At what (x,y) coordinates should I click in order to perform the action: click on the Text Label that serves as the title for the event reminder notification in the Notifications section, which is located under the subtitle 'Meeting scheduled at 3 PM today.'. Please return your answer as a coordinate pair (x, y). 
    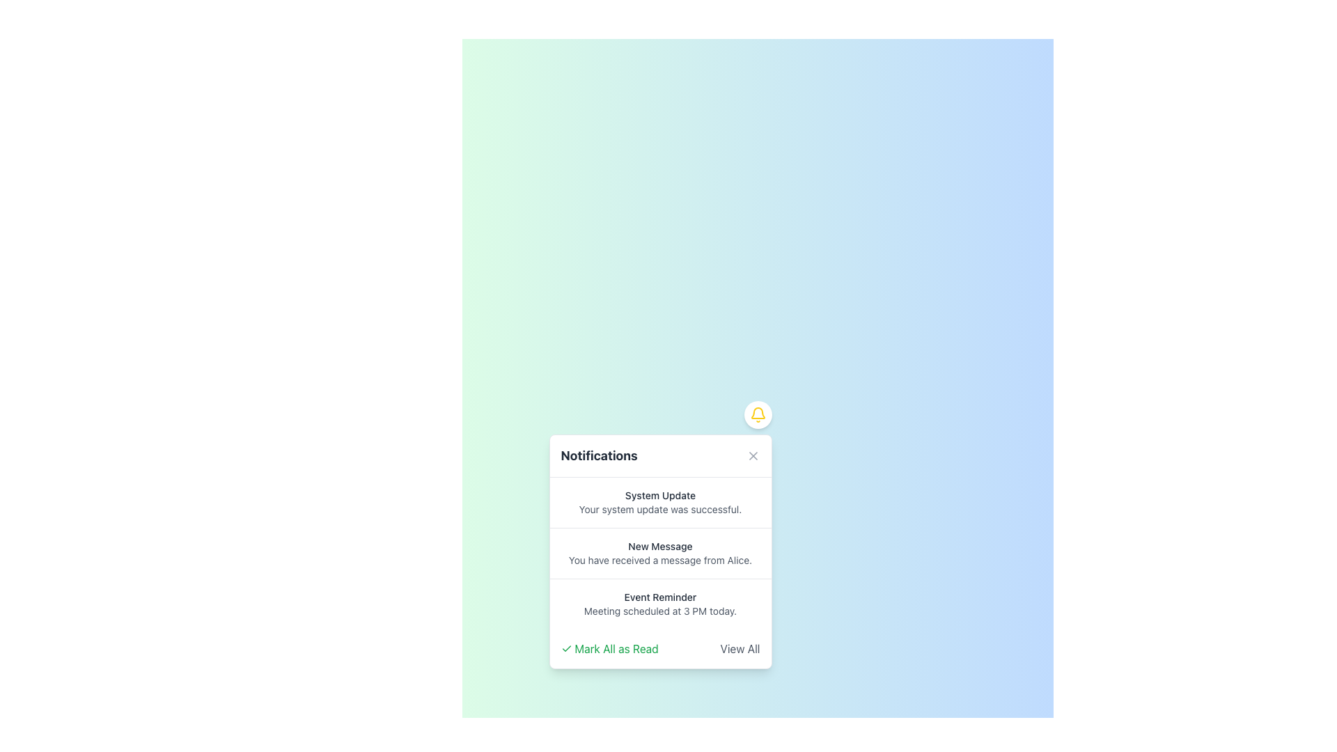
    Looking at the image, I should click on (659, 596).